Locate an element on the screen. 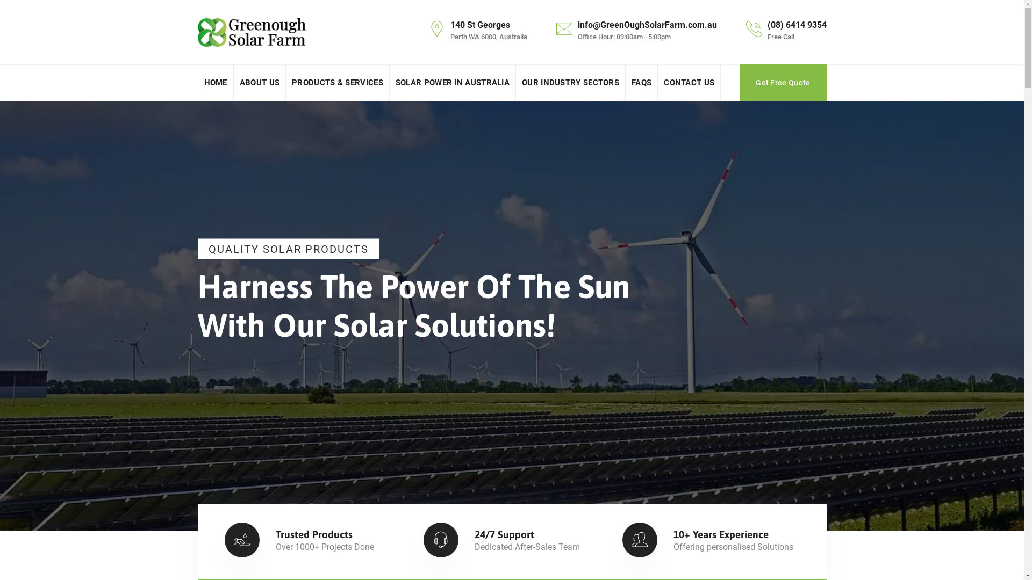 The height and width of the screenshot is (580, 1032). 'CONTACT US' is located at coordinates (689, 82).